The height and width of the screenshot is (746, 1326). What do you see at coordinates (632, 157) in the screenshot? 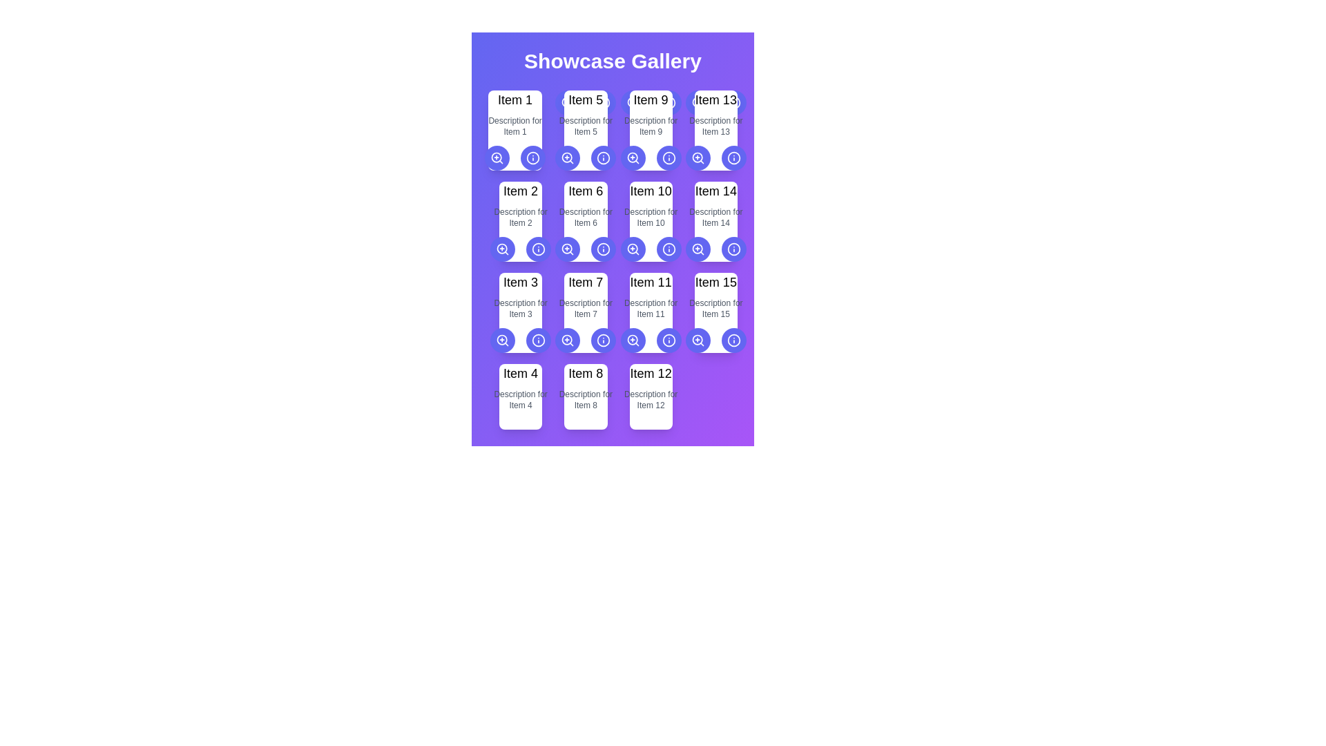
I see `the zoom-in SVG icon embedded within the button below the 'Item 9' card in the third column of the 'Showcase Gallery' grid layout` at bounding box center [632, 157].